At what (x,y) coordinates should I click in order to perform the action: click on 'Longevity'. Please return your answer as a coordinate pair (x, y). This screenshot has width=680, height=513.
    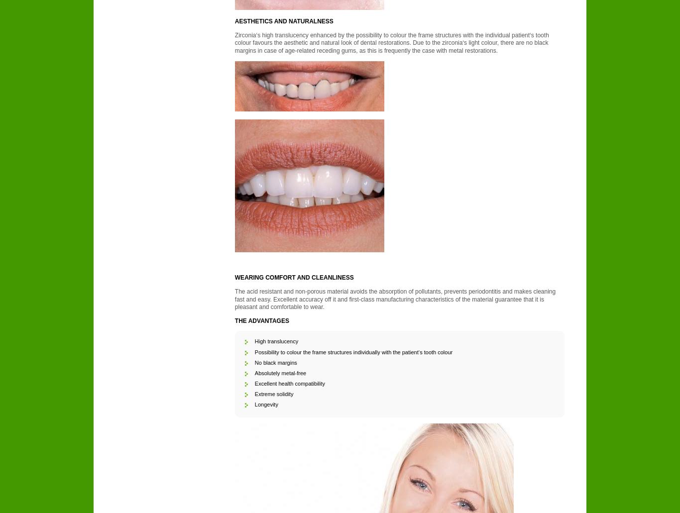
    Looking at the image, I should click on (266, 404).